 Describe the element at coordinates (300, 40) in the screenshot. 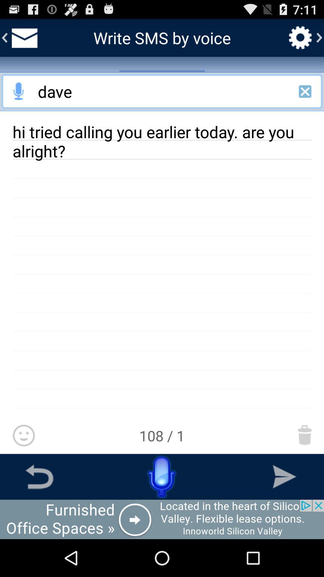

I see `the settings icon` at that location.